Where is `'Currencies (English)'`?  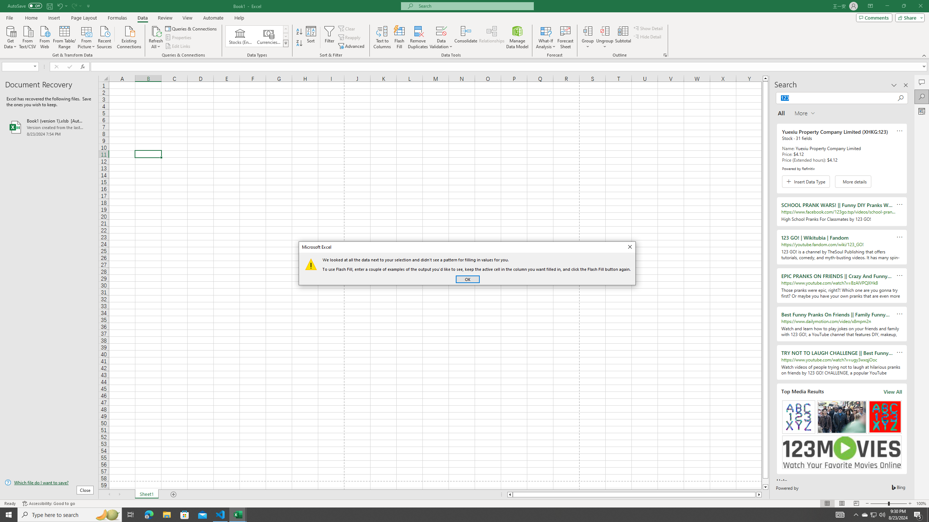 'Currencies (English)' is located at coordinates (268, 36).